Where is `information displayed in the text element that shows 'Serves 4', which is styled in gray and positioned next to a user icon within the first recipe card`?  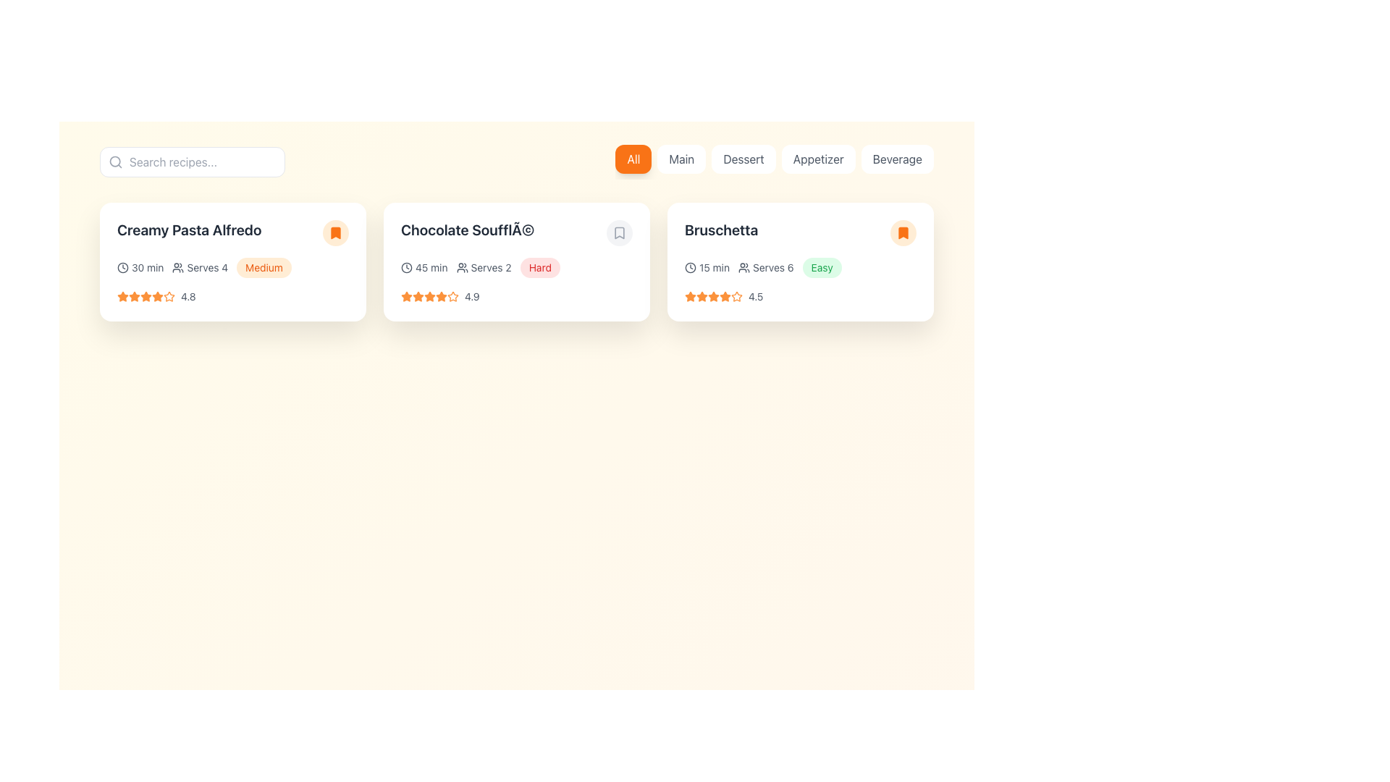
information displayed in the text element that shows 'Serves 4', which is styled in gray and positioned next to a user icon within the first recipe card is located at coordinates (206, 268).